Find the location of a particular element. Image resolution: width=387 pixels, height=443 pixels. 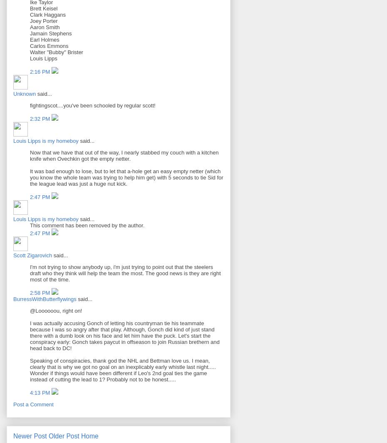

'4:13 PM' is located at coordinates (29, 393).